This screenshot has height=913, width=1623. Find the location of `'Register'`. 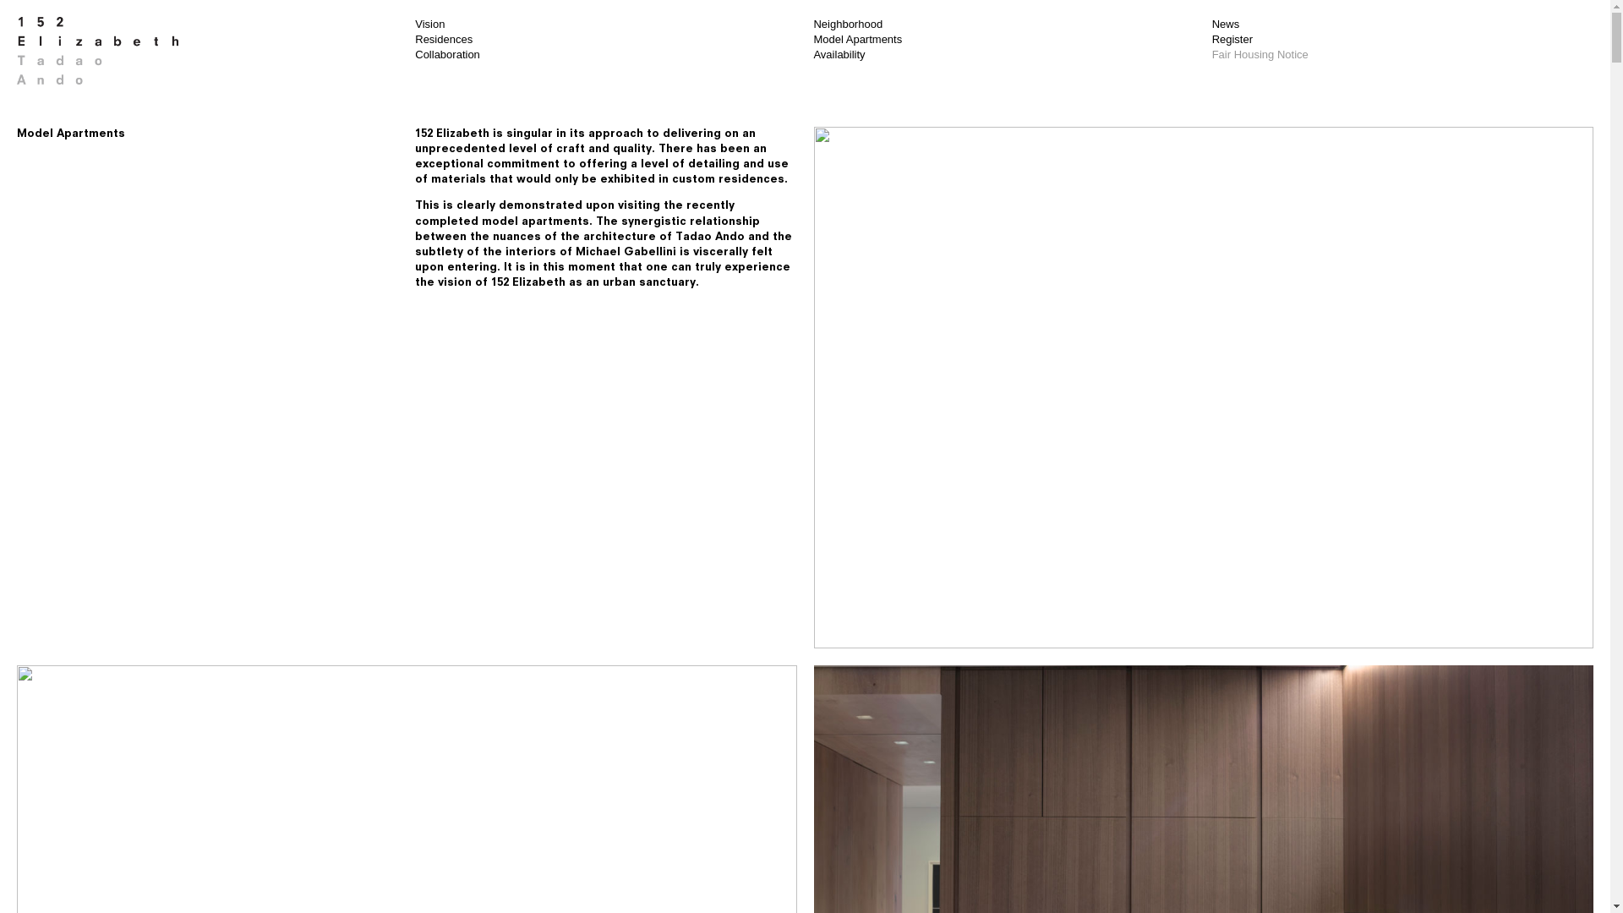

'Register' is located at coordinates (1232, 38).